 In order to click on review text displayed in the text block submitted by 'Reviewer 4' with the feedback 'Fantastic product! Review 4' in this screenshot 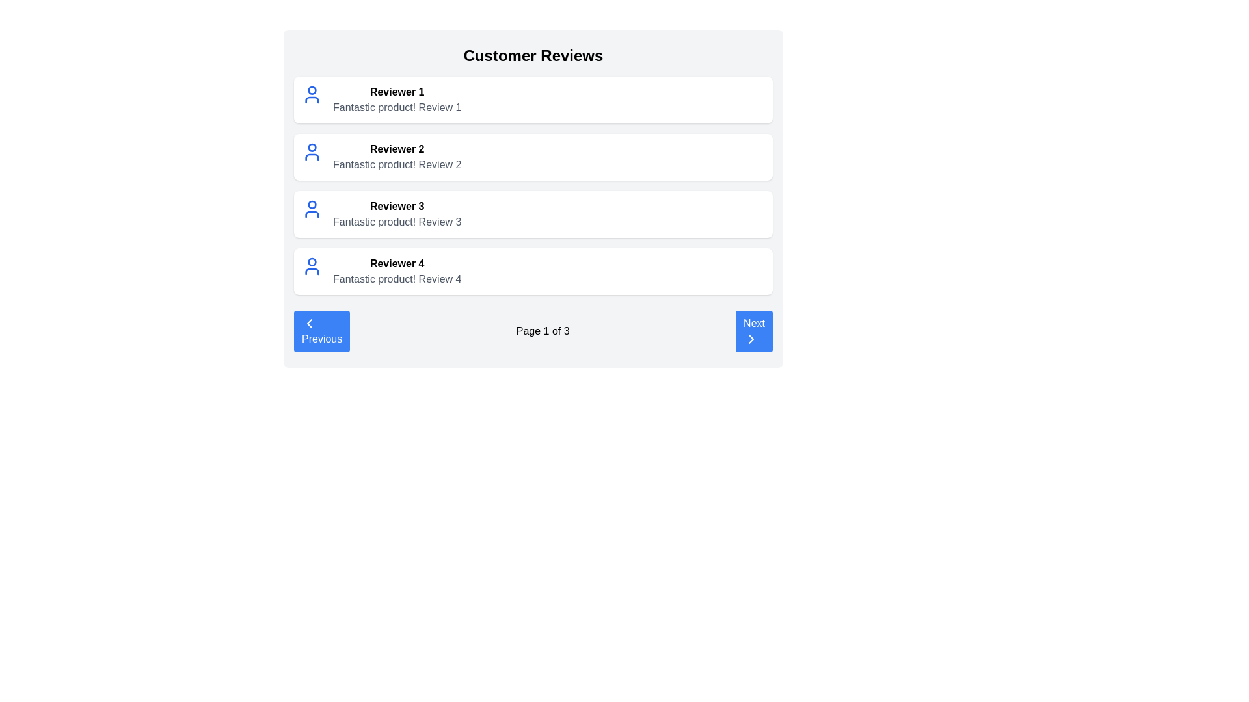, I will do `click(396, 270)`.